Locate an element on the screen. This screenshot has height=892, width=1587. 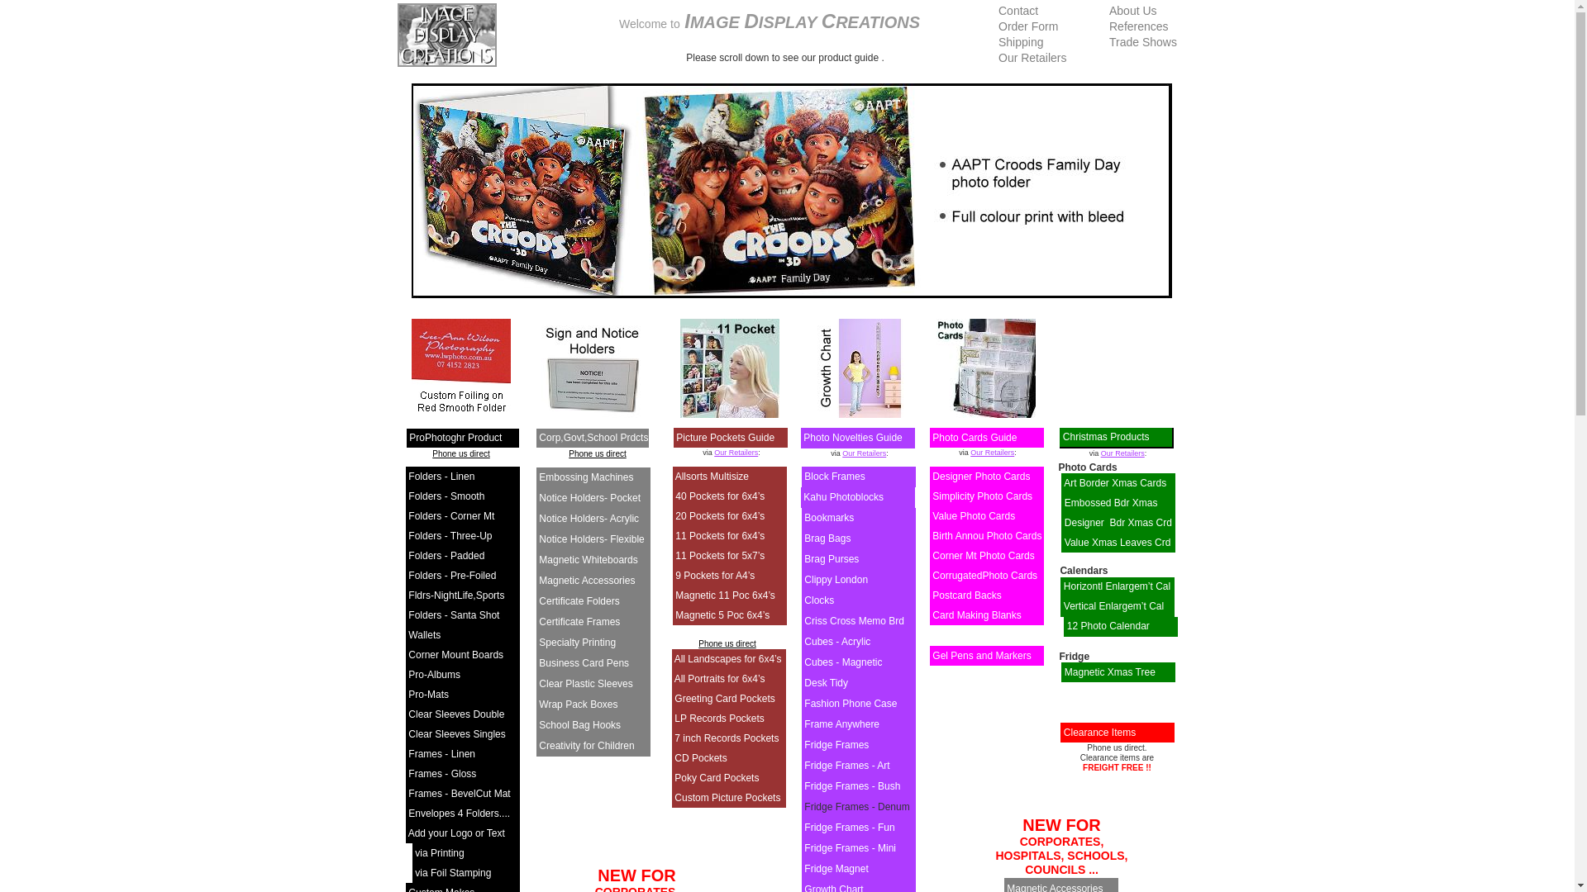
'Bookmarks' is located at coordinates (829, 517).